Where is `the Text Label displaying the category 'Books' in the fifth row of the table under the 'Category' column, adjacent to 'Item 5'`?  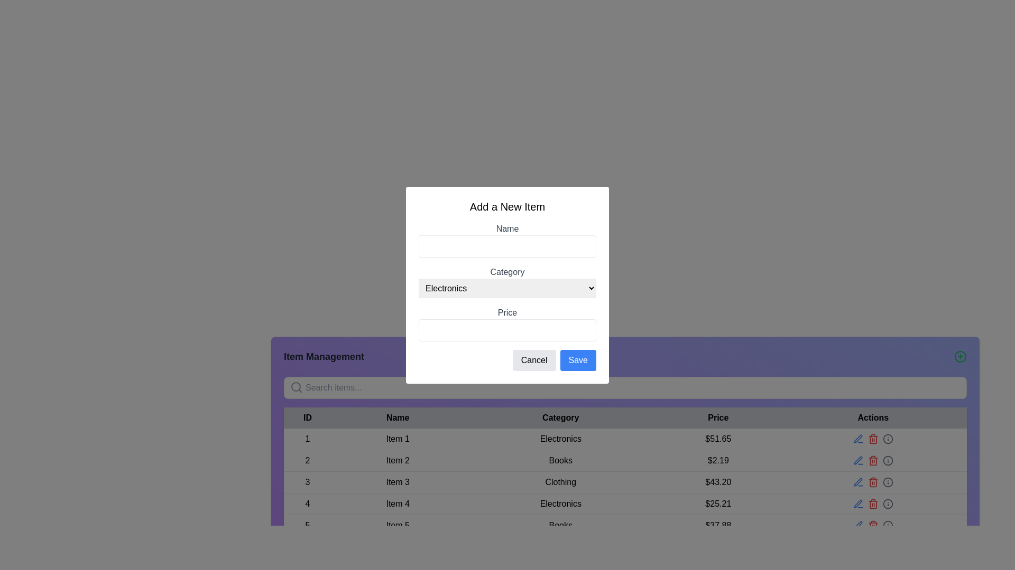
the Text Label displaying the category 'Books' in the fifth row of the table under the 'Category' column, adjacent to 'Item 5' is located at coordinates (560, 525).